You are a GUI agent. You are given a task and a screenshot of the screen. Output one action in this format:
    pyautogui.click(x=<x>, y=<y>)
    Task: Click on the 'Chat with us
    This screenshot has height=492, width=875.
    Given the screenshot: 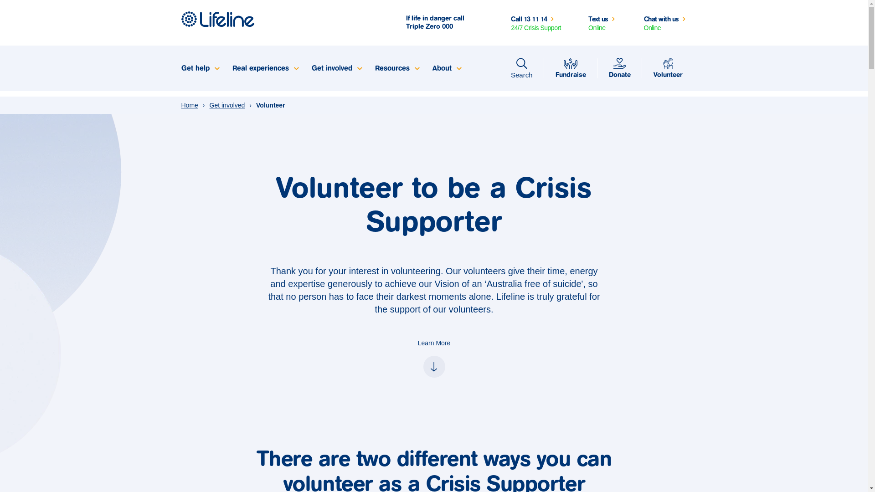 What is the action you would take?
    pyautogui.click(x=665, y=22)
    